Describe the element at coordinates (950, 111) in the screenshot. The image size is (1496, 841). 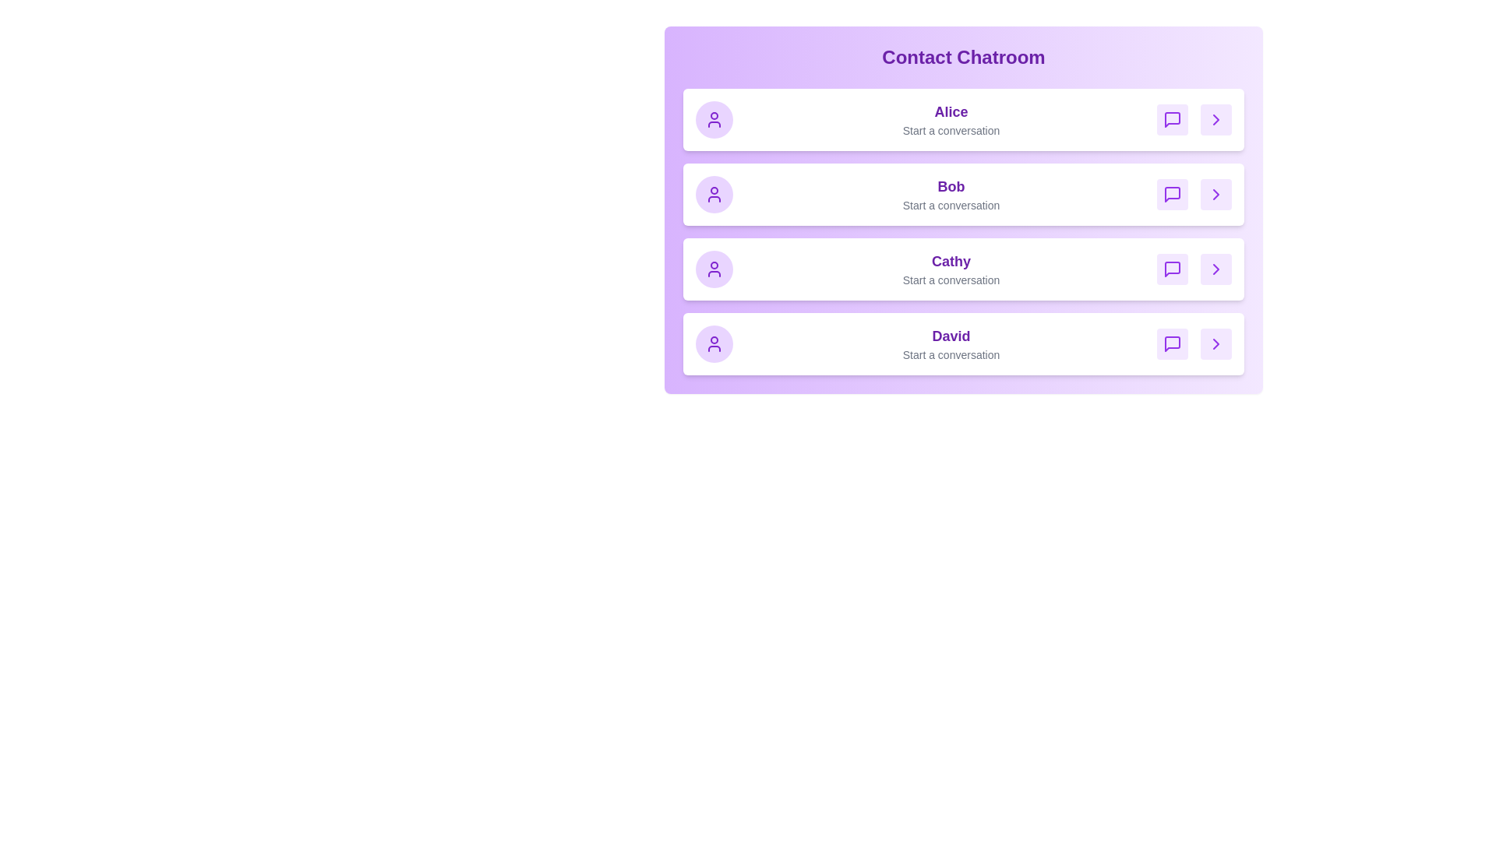
I see `the contact name Alice to select them` at that location.